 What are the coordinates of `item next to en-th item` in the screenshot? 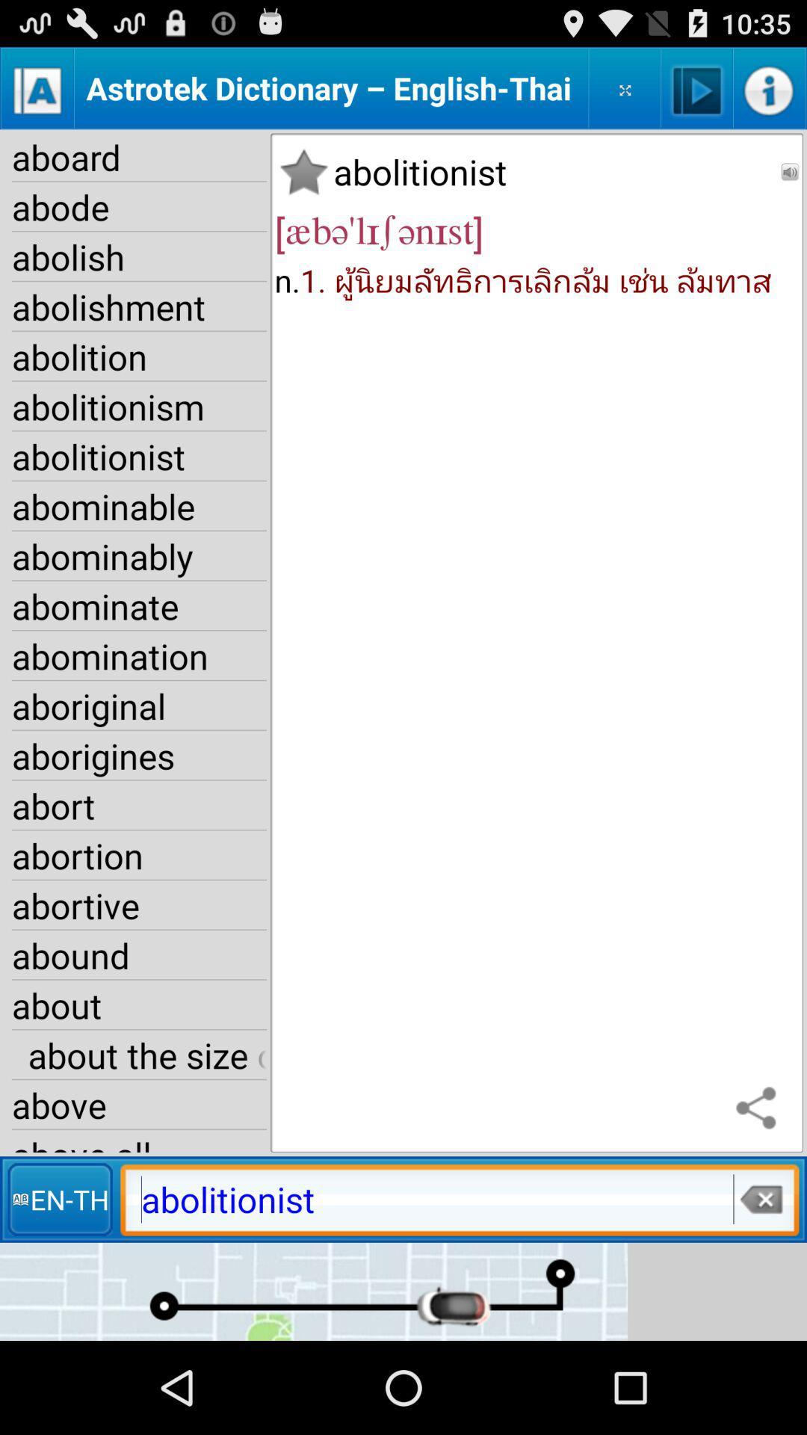 It's located at (760, 1199).